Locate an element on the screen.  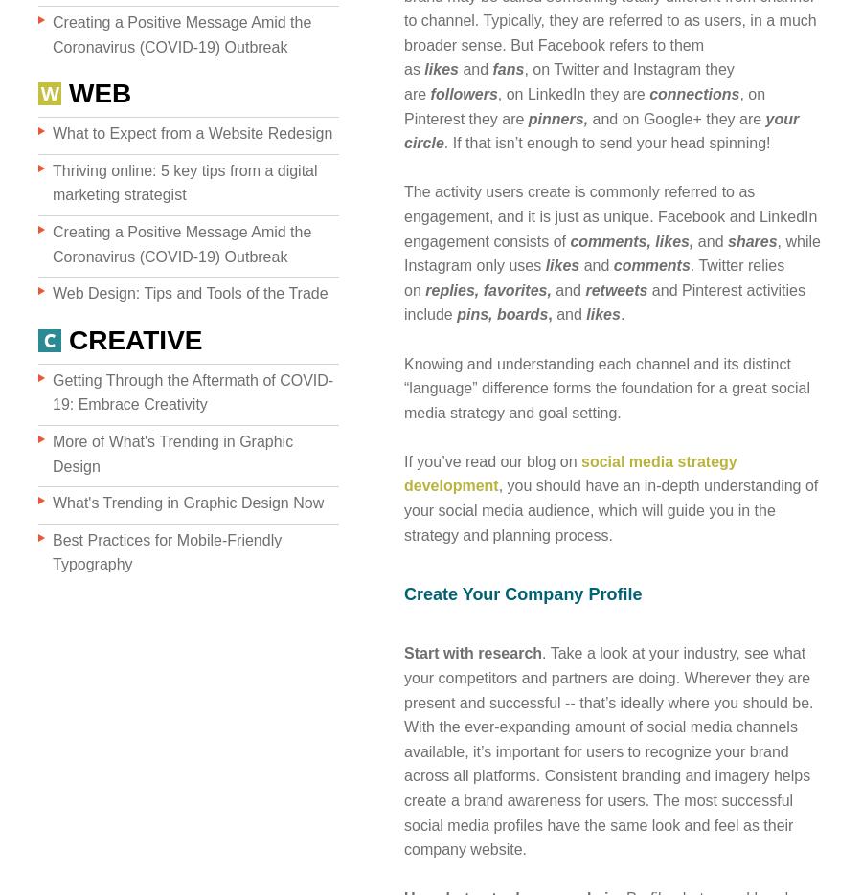
'Getting Through the Aftermath of COVID-19: Embrace Creativity' is located at coordinates (193, 392).